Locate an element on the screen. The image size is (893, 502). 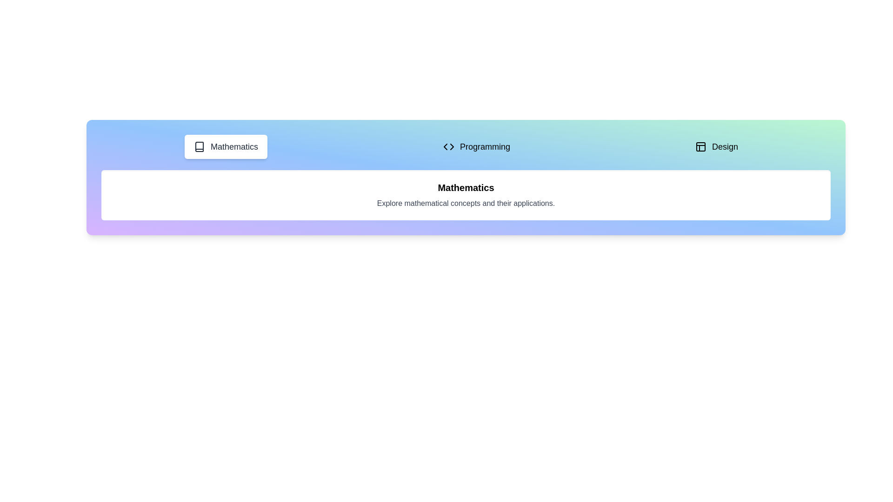
the button corresponding to the module Programming is located at coordinates (476, 146).